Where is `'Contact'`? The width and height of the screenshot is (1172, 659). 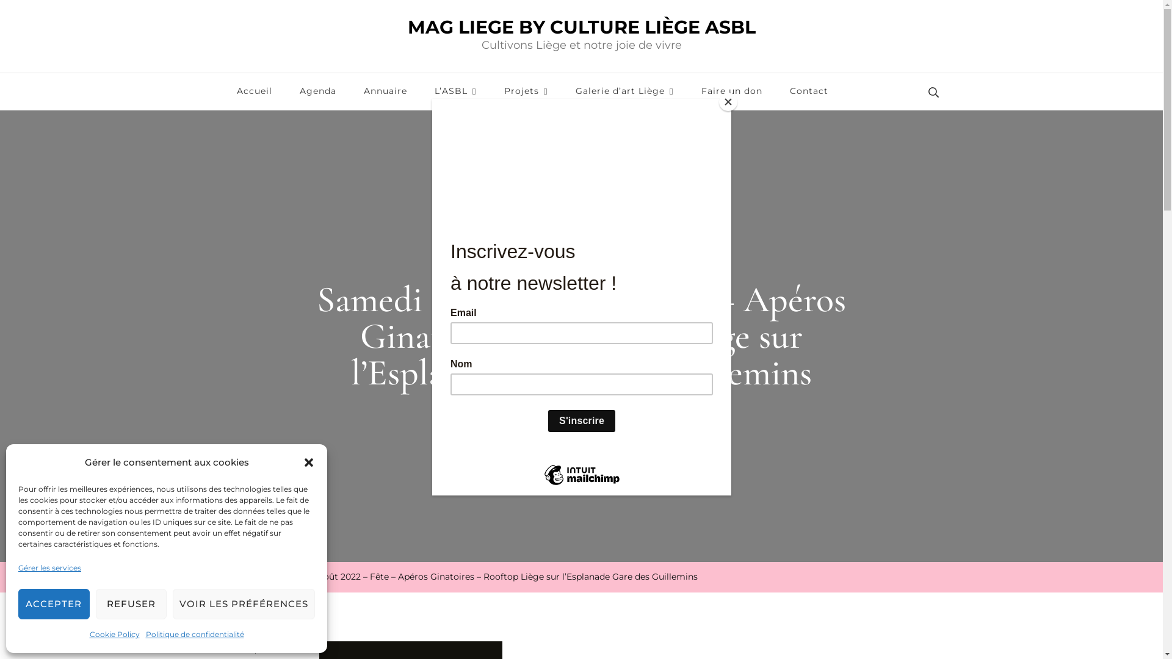 'Contact' is located at coordinates (809, 91).